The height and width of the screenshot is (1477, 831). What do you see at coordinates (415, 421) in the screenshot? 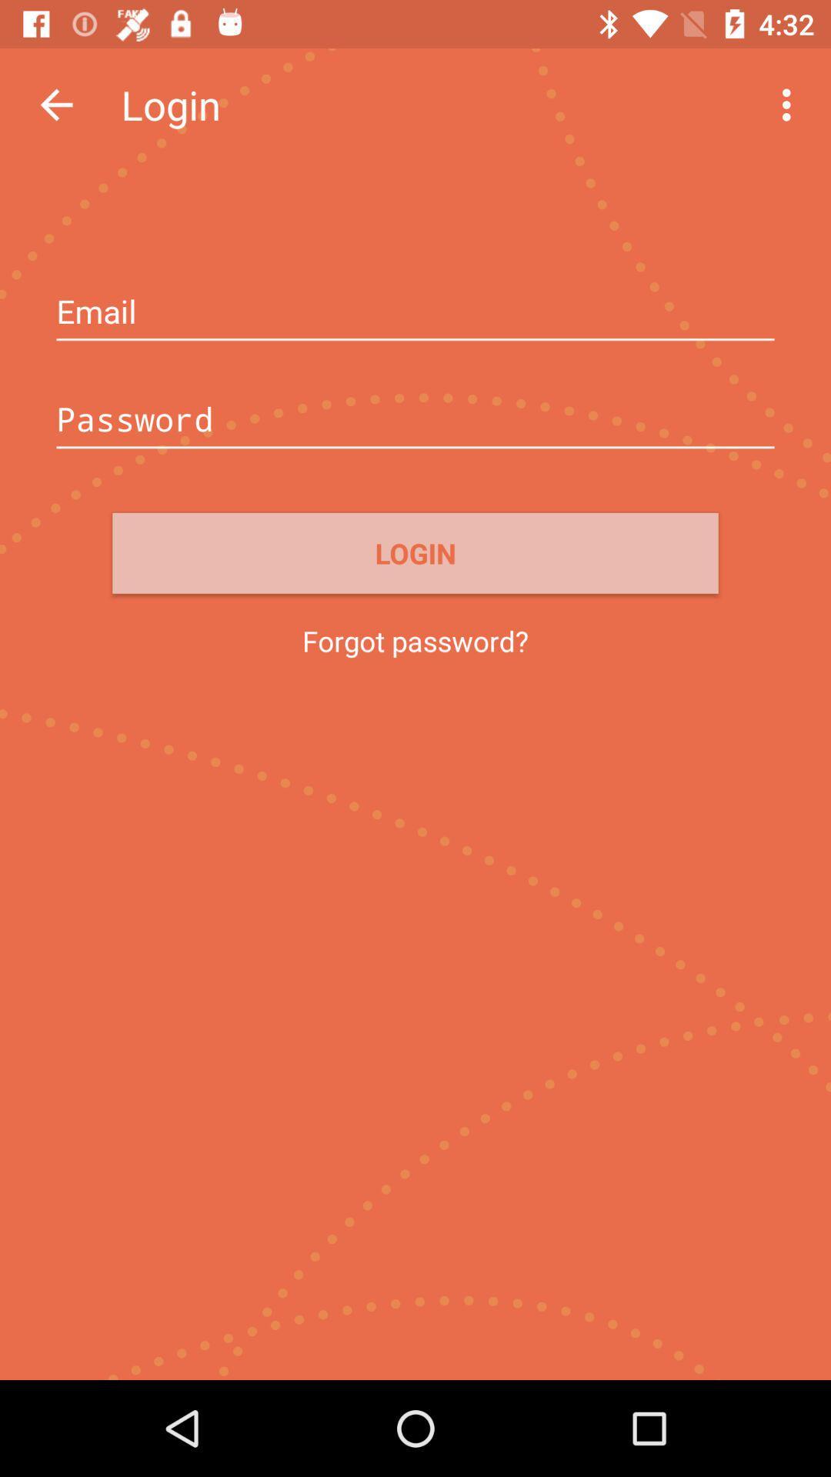
I see `input password` at bounding box center [415, 421].